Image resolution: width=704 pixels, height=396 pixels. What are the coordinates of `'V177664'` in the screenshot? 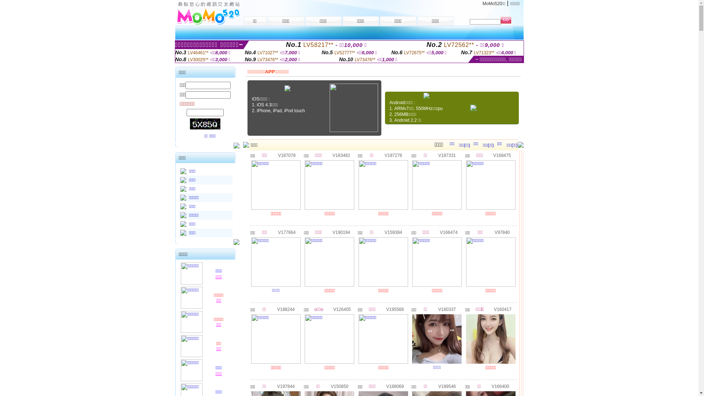 It's located at (286, 232).